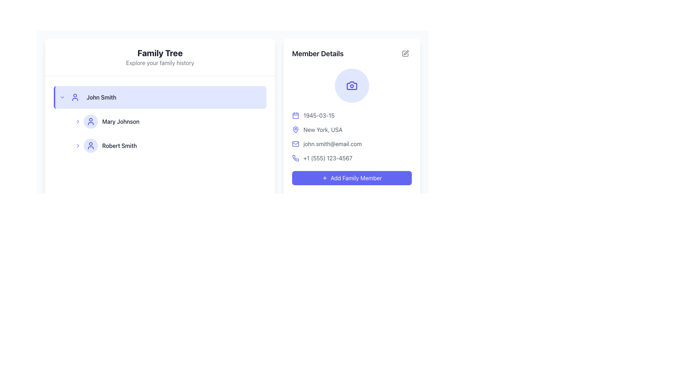 This screenshot has height=384, width=684. I want to click on the circular button with a gray pencil icon in the top-right corner of the 'Member Details' card, so click(405, 53).